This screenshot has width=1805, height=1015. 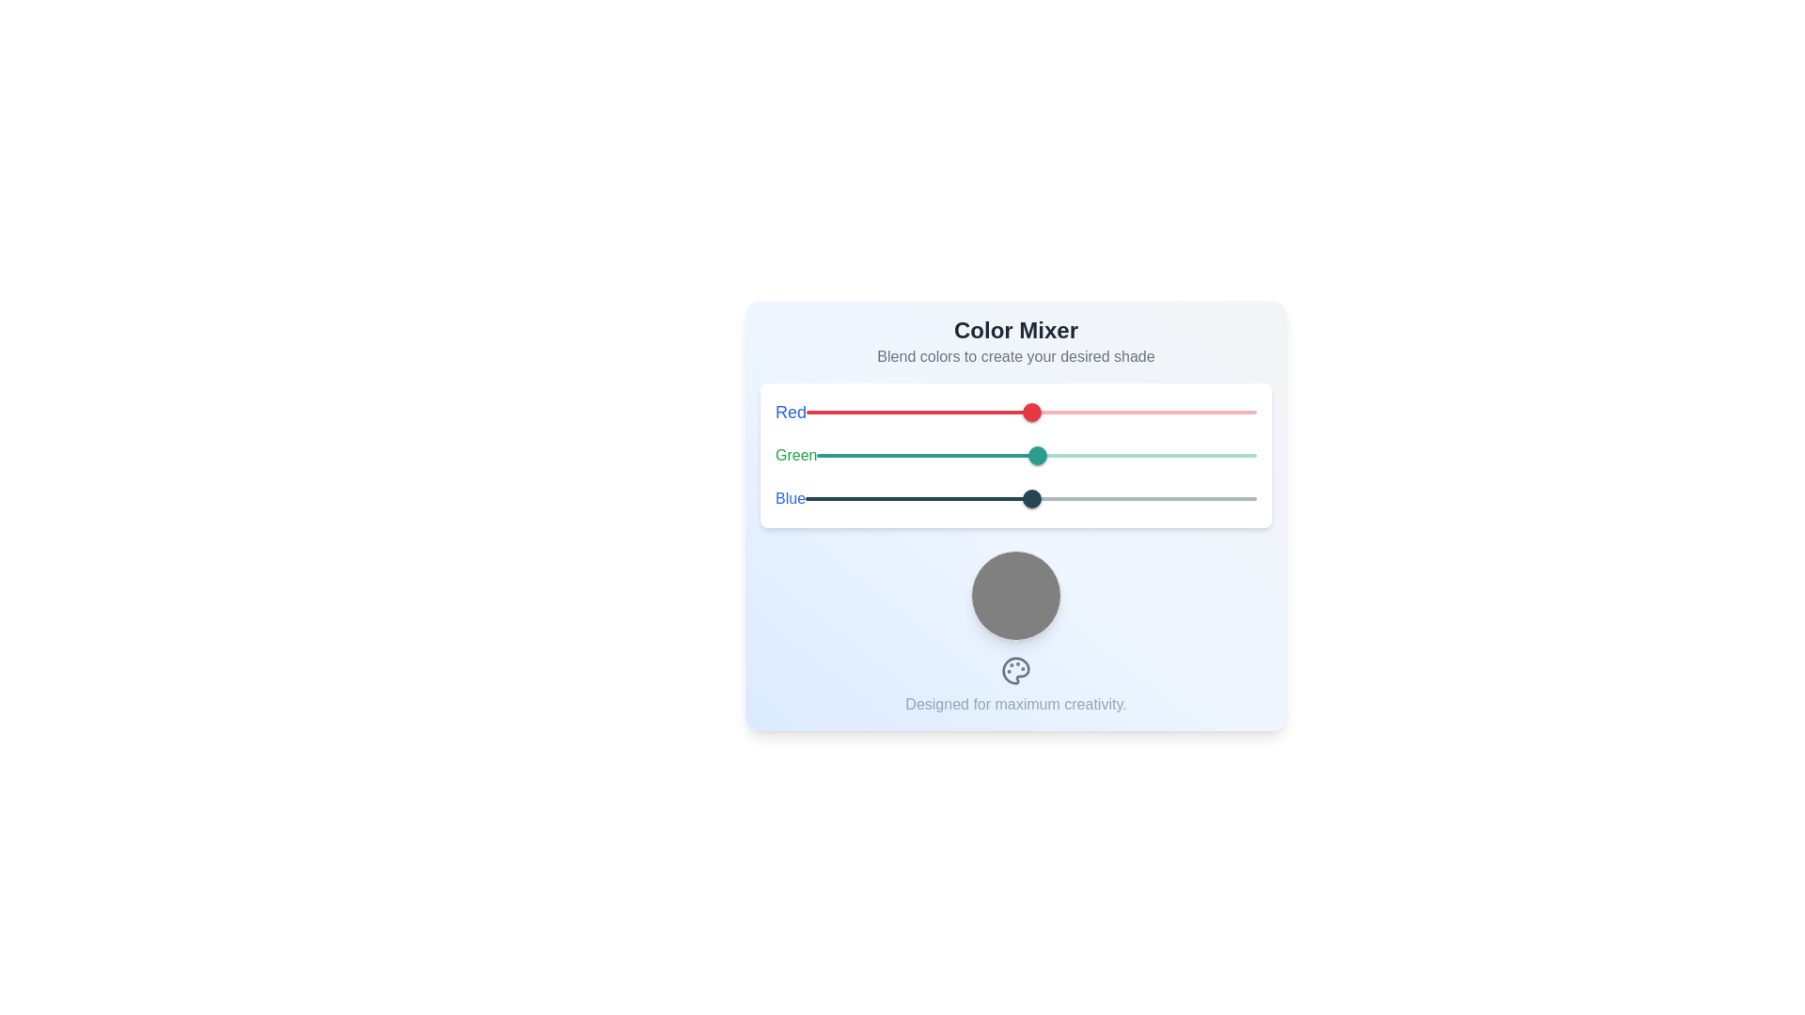 What do you see at coordinates (1188, 412) in the screenshot?
I see `the red value` at bounding box center [1188, 412].